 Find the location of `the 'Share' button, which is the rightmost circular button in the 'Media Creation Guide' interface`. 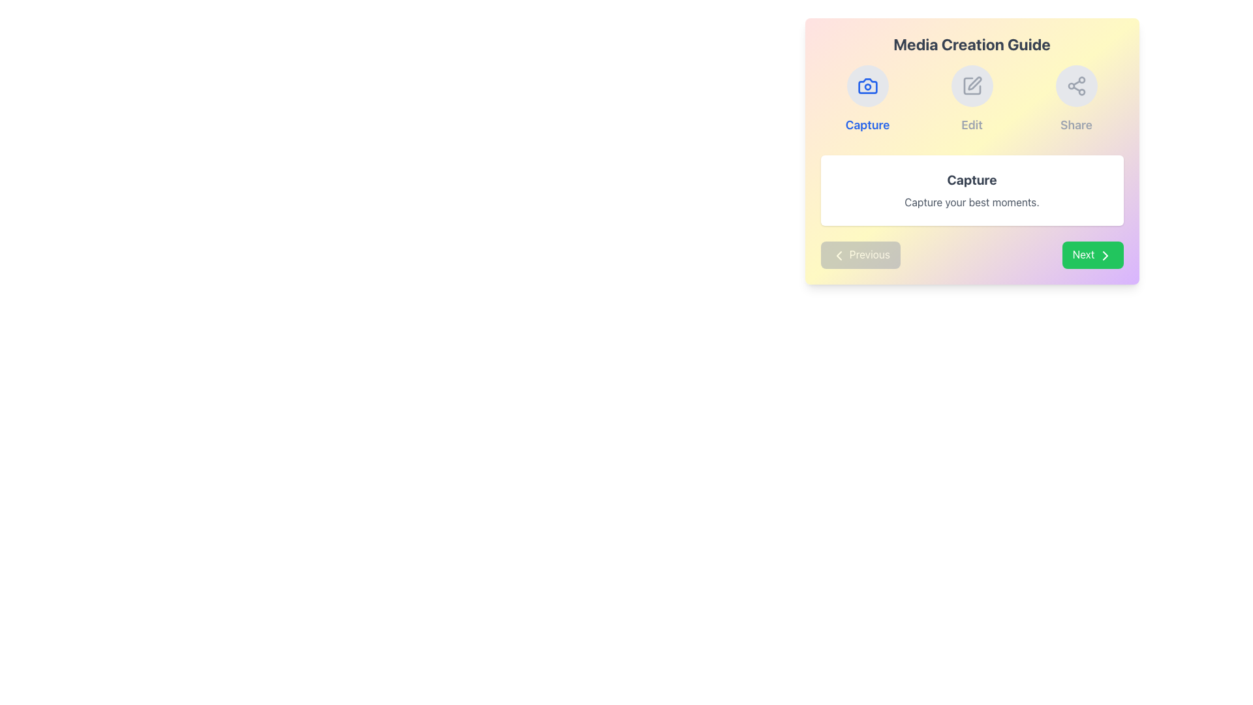

the 'Share' button, which is the rightmost circular button in the 'Media Creation Guide' interface is located at coordinates (1076, 86).